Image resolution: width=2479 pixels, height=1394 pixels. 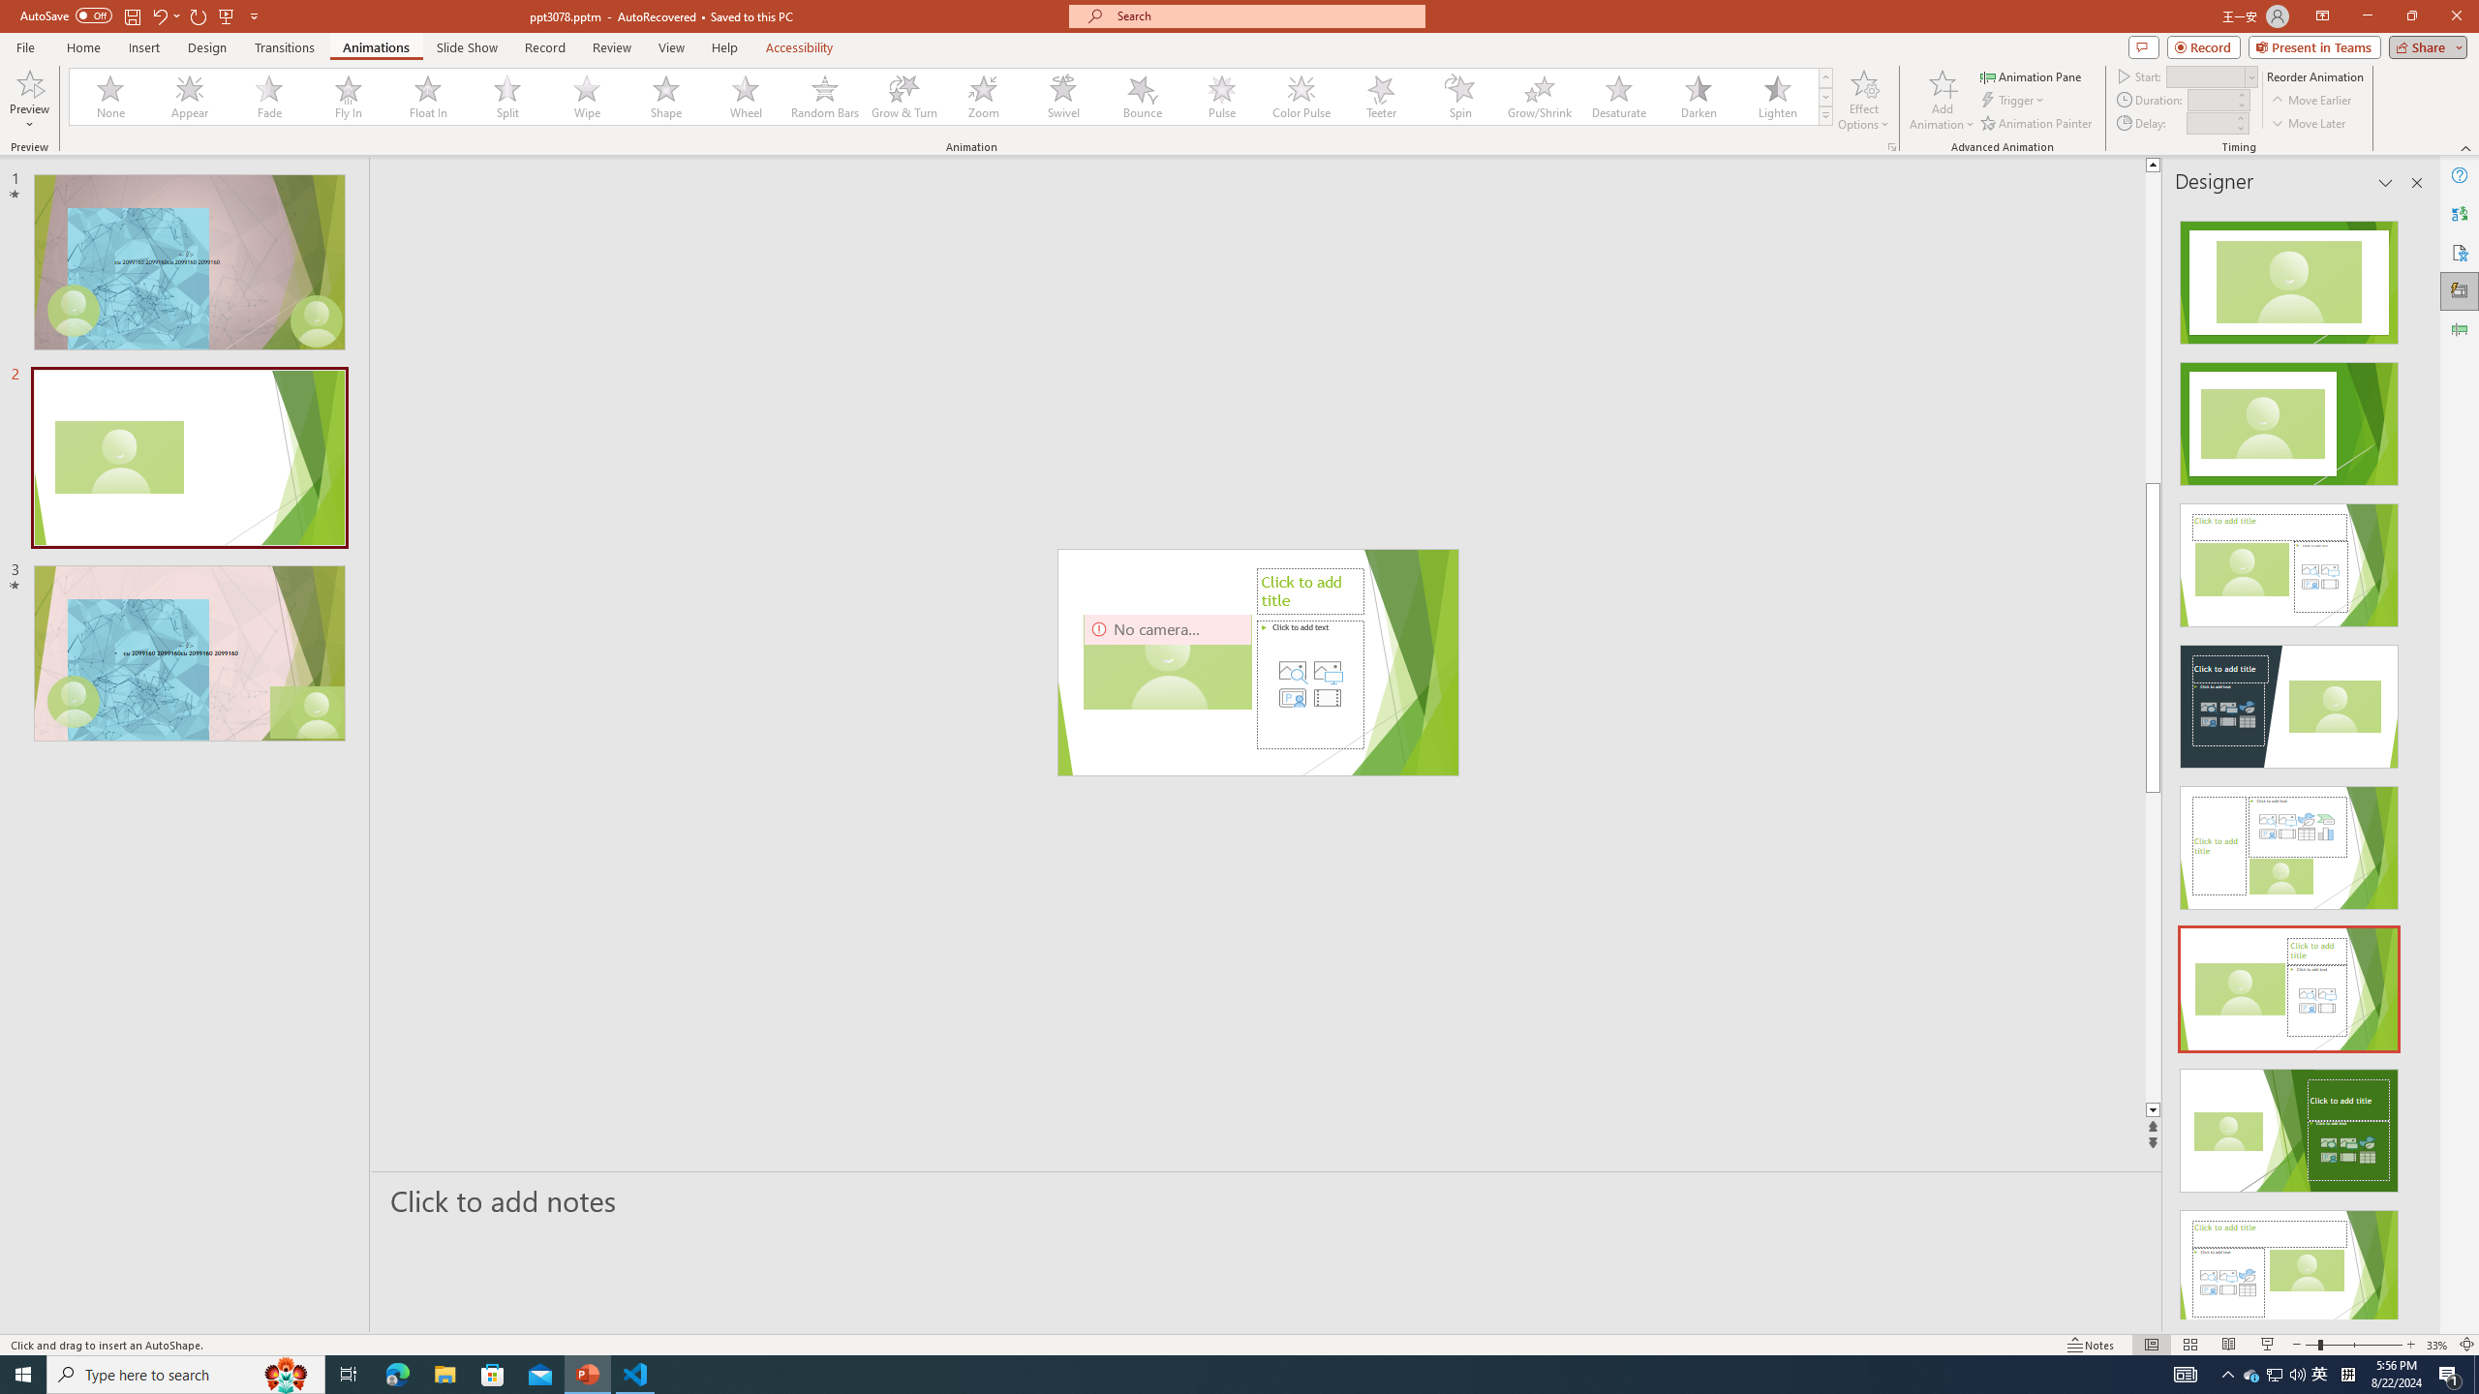 I want to click on 'Page up', so click(x=2218, y=326).